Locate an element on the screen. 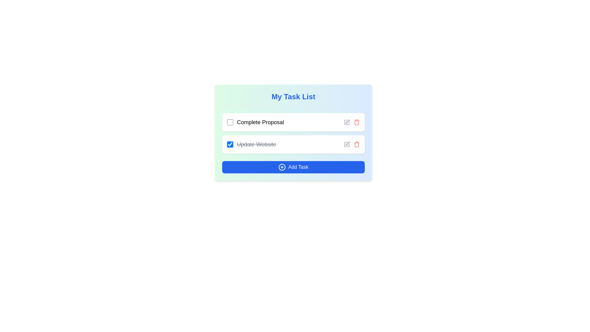  the text label displaying 'Update Website', which is styled with a line-through to indicate completion and is located in the second task item of the task list interface is located at coordinates (256, 144).